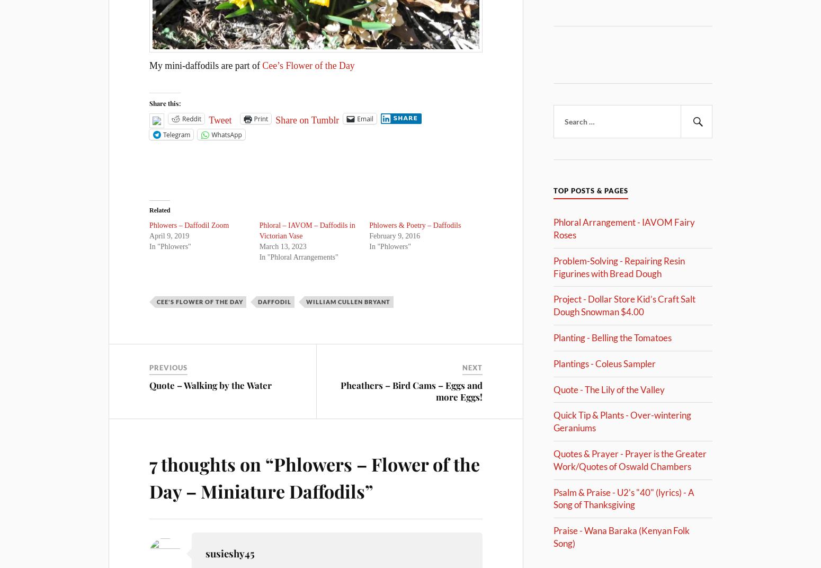  I want to click on 'Quotes & Prayer - Prayer is the Greater Work/Quotes of Oswald Chambers', so click(630, 459).